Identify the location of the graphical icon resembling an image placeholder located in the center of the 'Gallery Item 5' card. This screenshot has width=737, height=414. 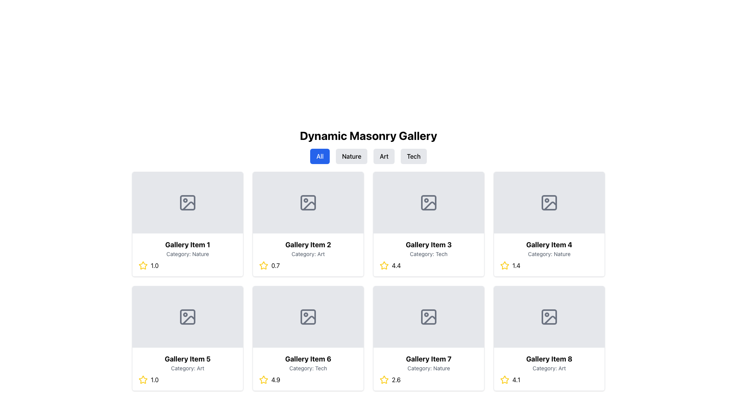
(188, 317).